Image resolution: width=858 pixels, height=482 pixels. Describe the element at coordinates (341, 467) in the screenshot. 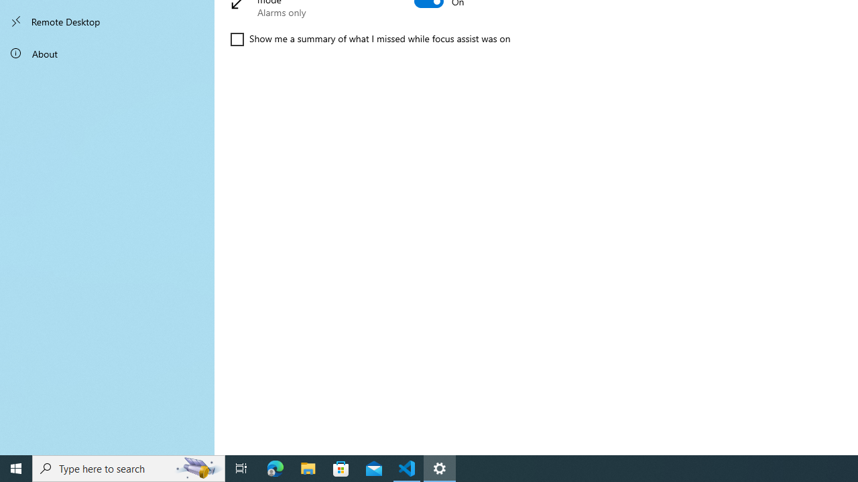

I see `'Microsoft Store'` at that location.